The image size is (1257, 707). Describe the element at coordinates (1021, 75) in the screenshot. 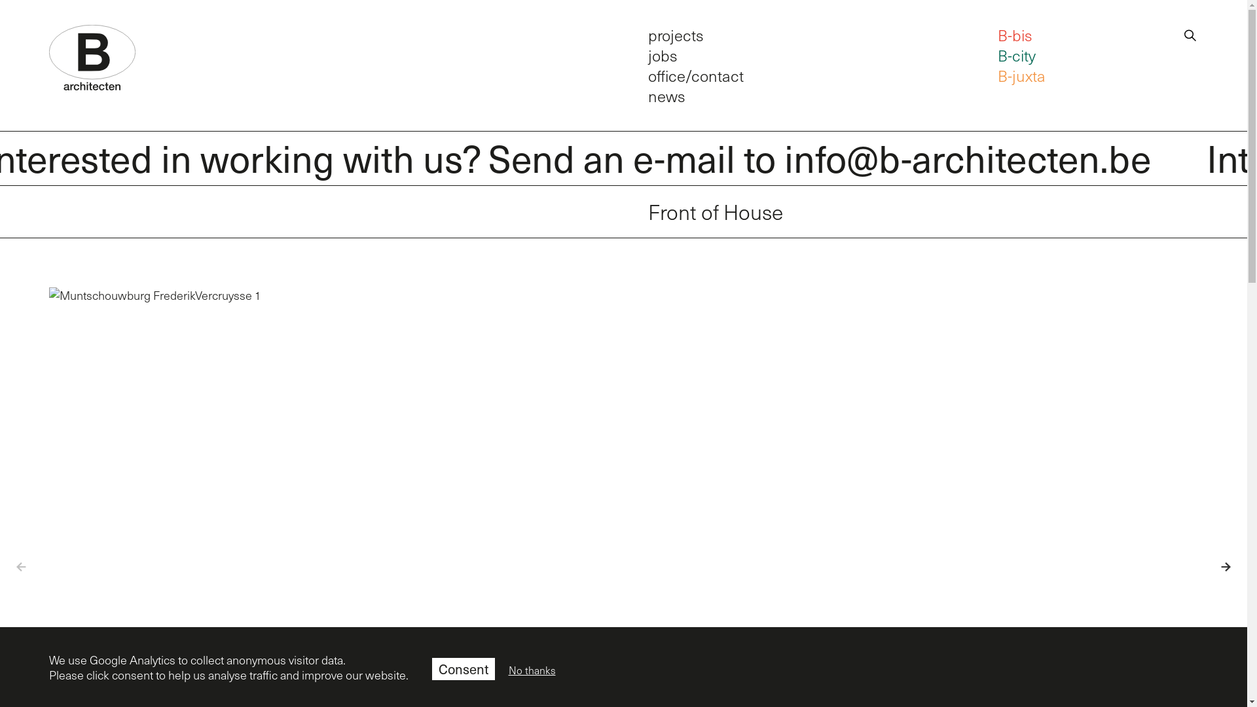

I see `'B-juxta'` at that location.